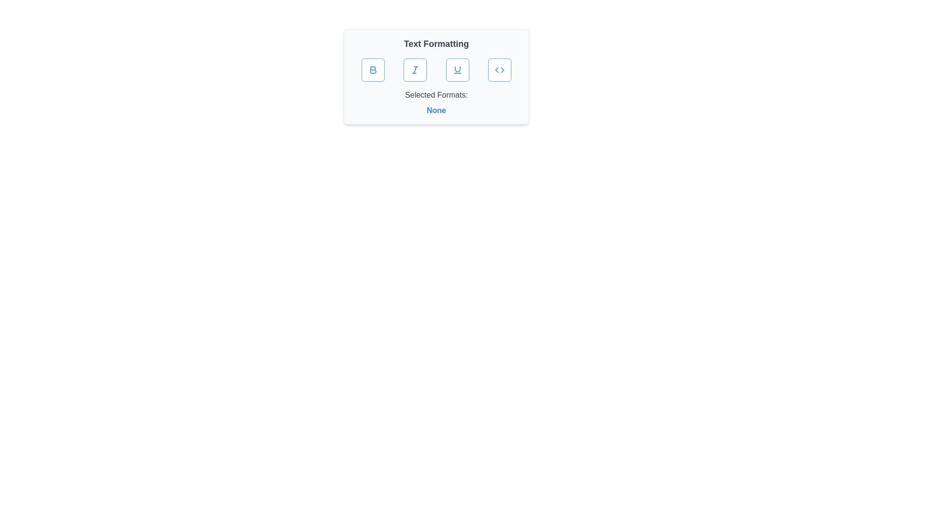 Image resolution: width=928 pixels, height=522 pixels. What do you see at coordinates (457, 70) in the screenshot?
I see `the underline button to toggle underline formatting` at bounding box center [457, 70].